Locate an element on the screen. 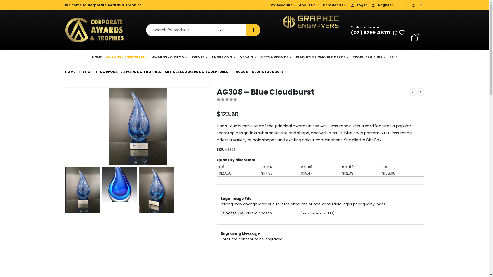  'Instagram' is located at coordinates (414, 5).